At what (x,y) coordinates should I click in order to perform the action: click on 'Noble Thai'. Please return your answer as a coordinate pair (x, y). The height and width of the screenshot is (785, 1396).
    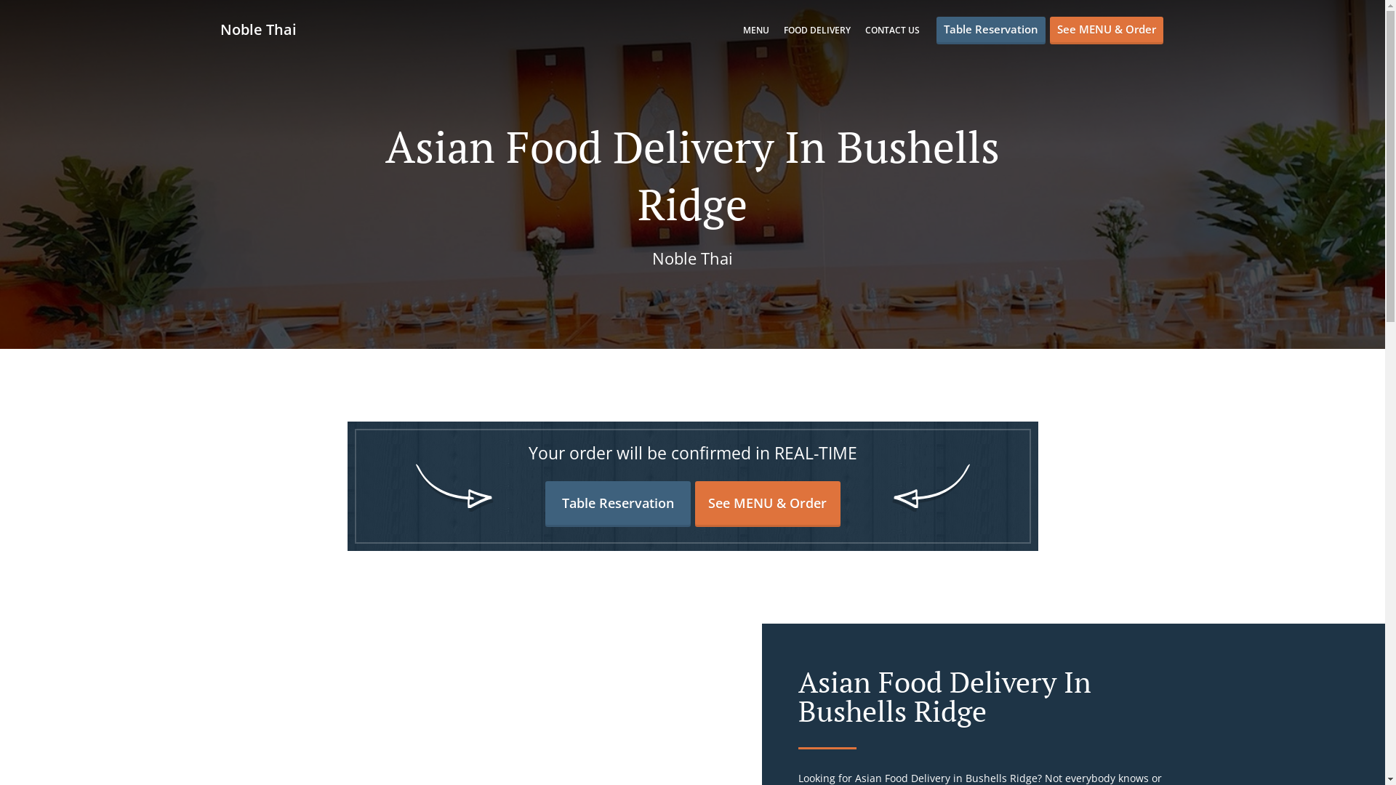
    Looking at the image, I should click on (219, 29).